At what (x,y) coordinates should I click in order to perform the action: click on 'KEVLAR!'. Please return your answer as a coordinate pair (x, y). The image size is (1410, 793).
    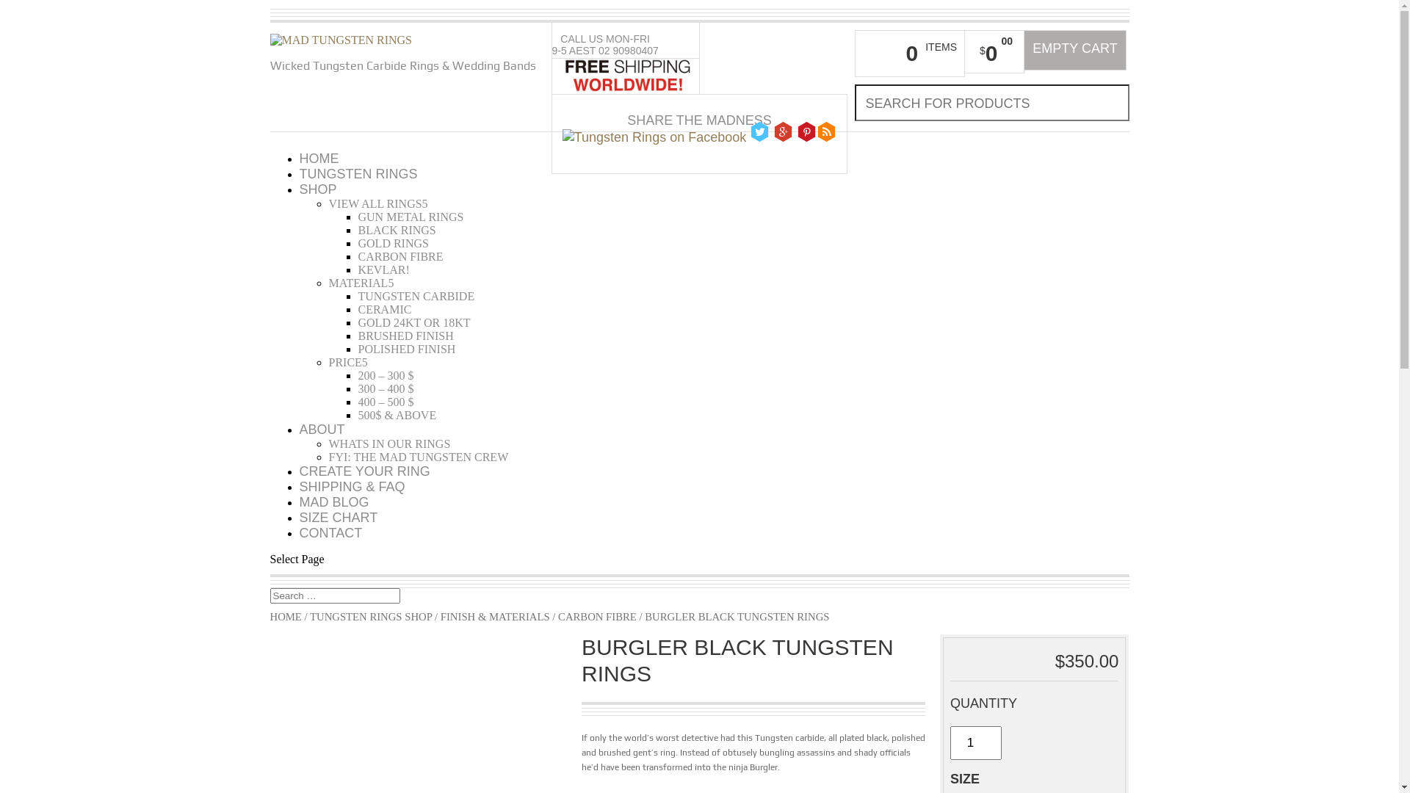
    Looking at the image, I should click on (384, 269).